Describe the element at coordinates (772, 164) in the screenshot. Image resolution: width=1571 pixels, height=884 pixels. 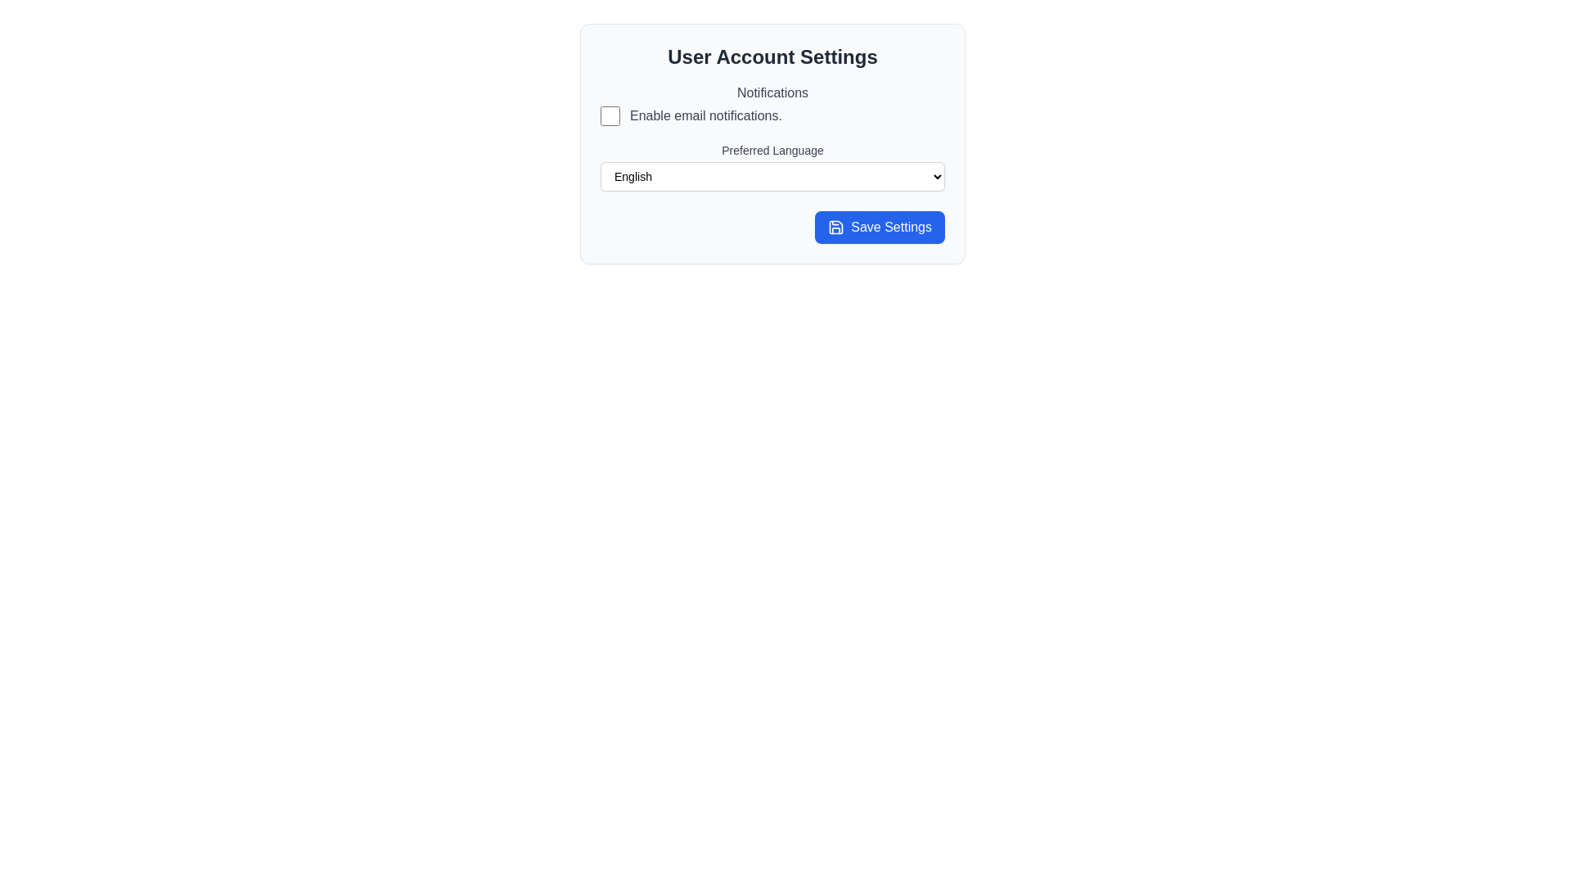
I see `an option from the dropdown menu located in the 'User Account Settings' form under the 'Notifications' label, which follows the 'Enable email notifications' checkbox` at that location.